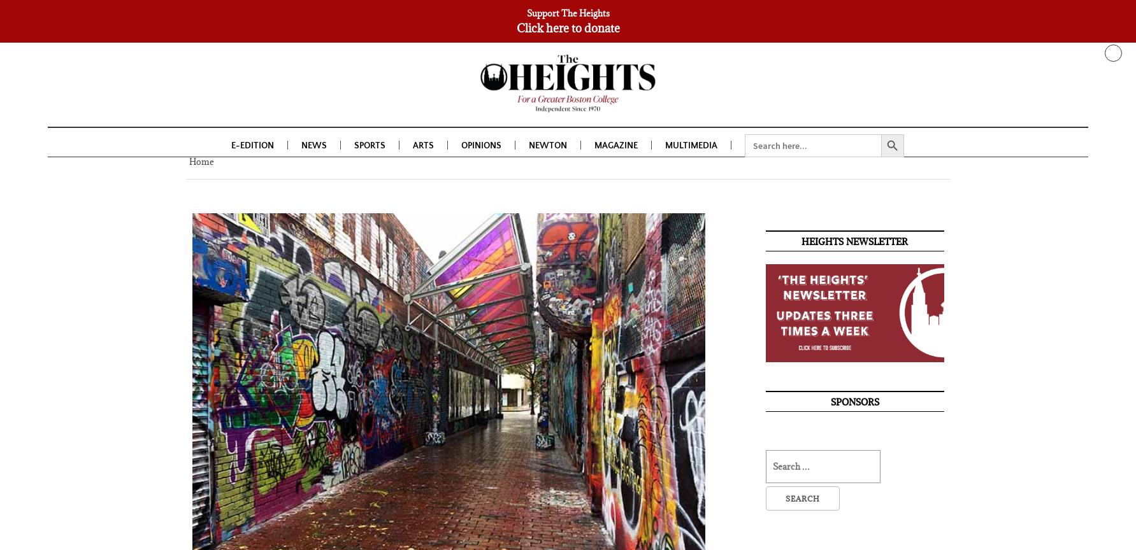 This screenshot has height=550, width=1136. What do you see at coordinates (615, 148) in the screenshot?
I see `'Magazine'` at bounding box center [615, 148].